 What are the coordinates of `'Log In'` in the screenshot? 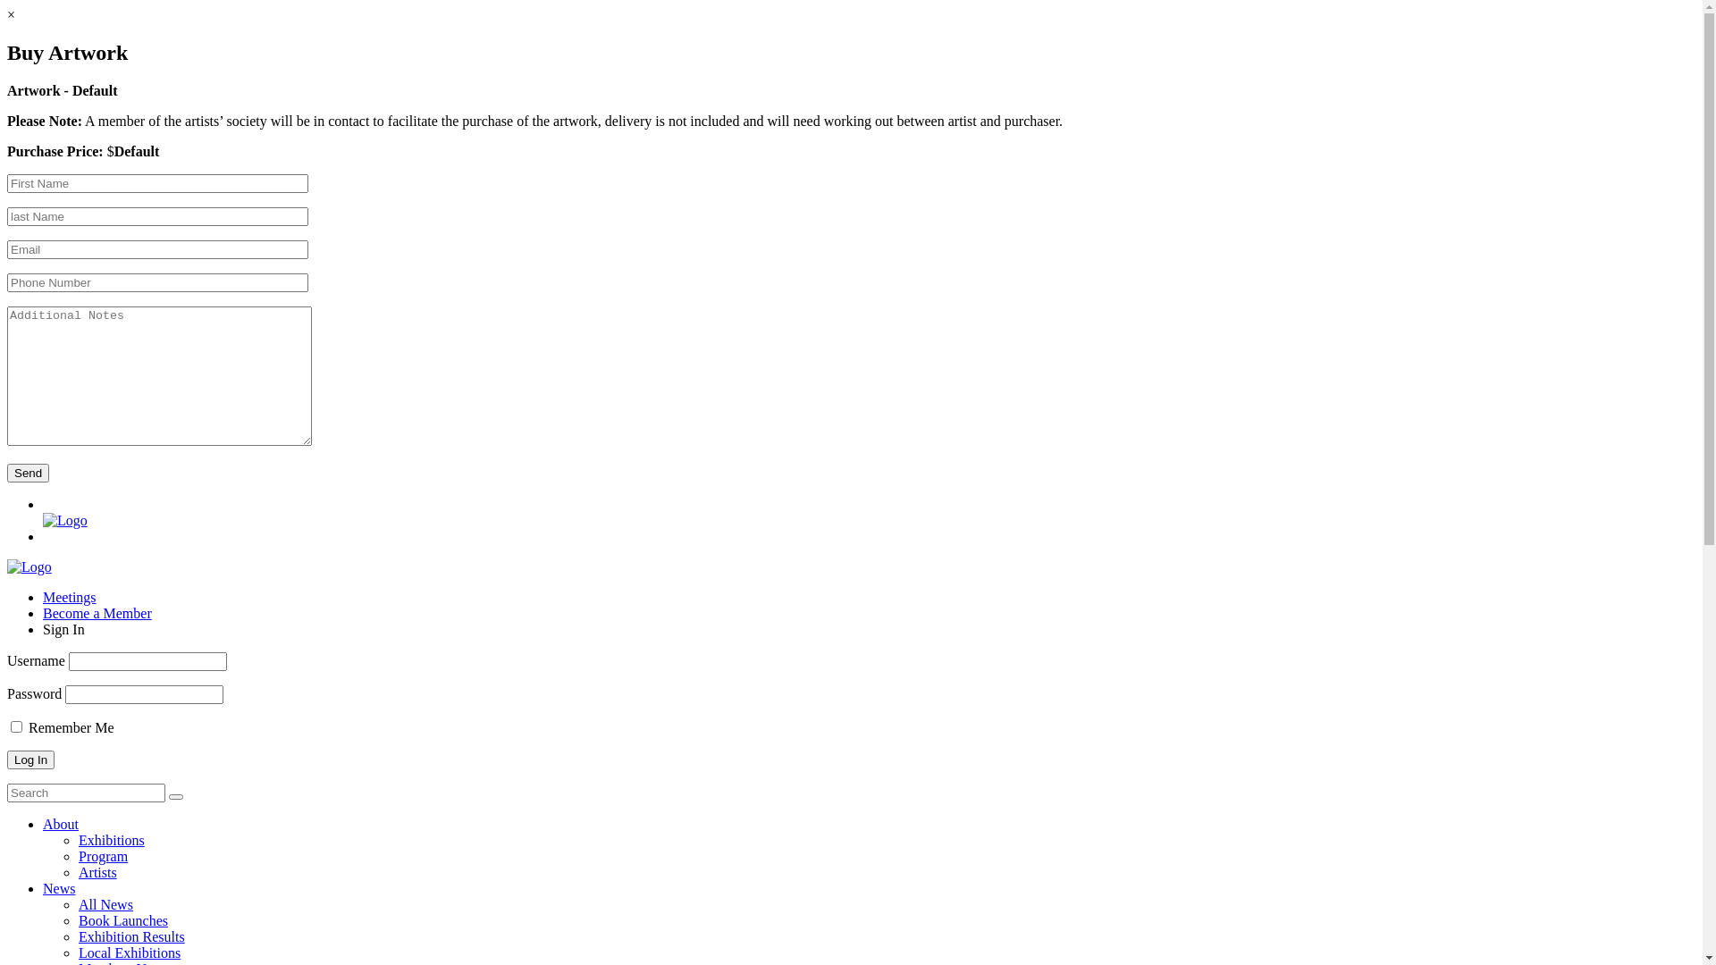 It's located at (30, 759).